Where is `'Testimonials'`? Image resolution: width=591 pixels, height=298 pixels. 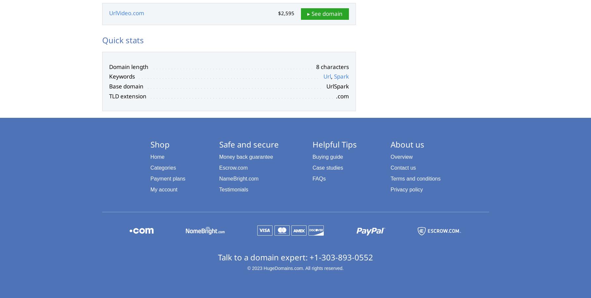
'Testimonials' is located at coordinates (233, 189).